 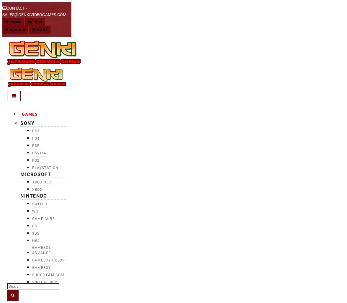 What do you see at coordinates (42, 29) in the screenshot?
I see `'Cart'` at bounding box center [42, 29].